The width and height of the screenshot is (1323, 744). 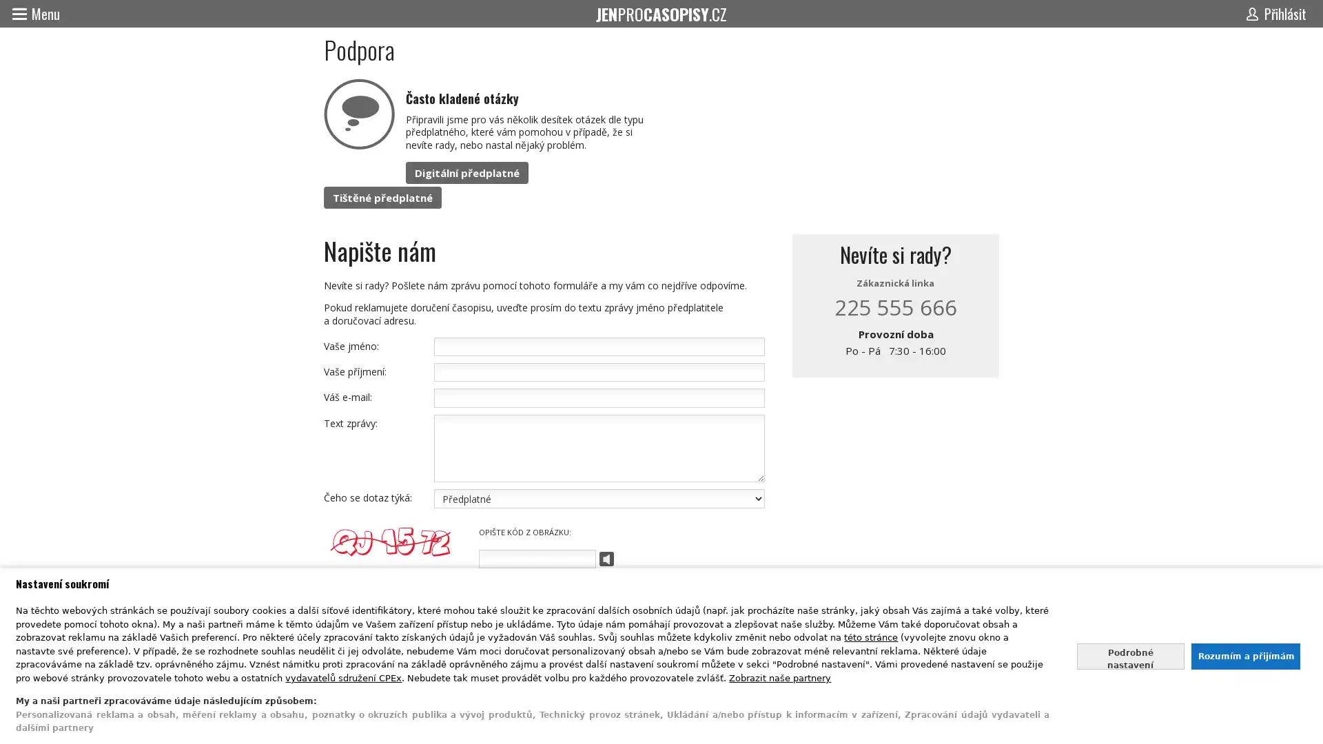 I want to click on Zobrazit nase partnery, so click(x=780, y=676).